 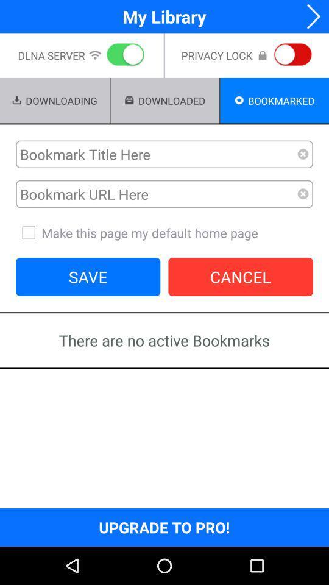 What do you see at coordinates (310, 17) in the screenshot?
I see `the arrow_forward icon` at bounding box center [310, 17].